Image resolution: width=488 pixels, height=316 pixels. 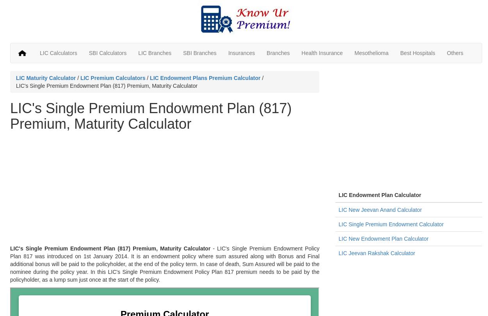 What do you see at coordinates (417, 53) in the screenshot?
I see `'Best Hospitals'` at bounding box center [417, 53].